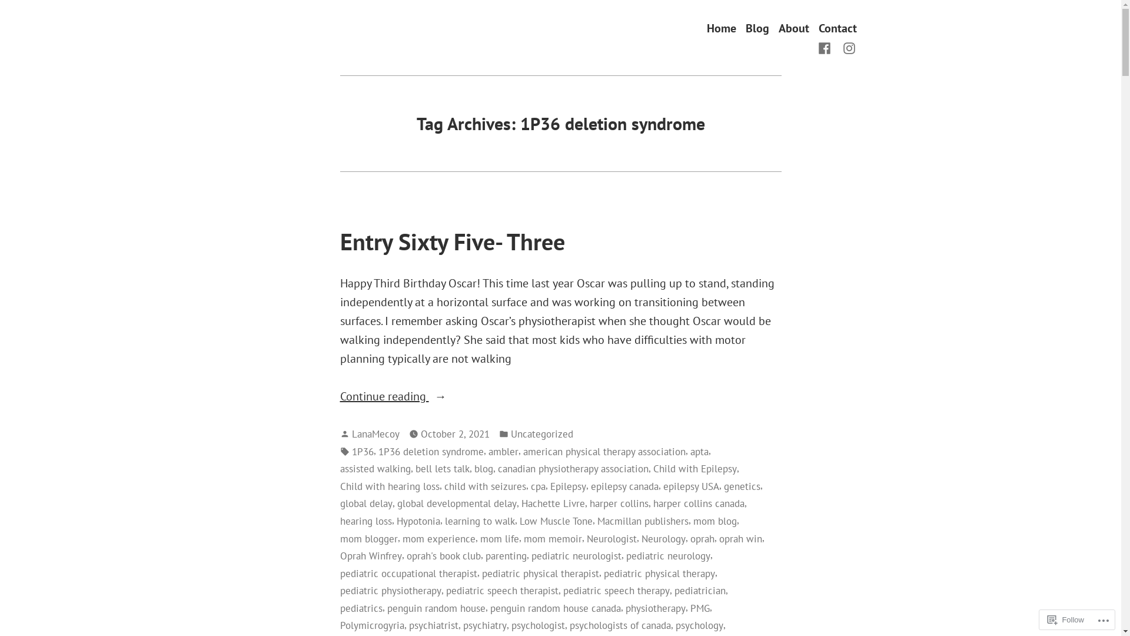 Image resolution: width=1130 pixels, height=636 pixels. What do you see at coordinates (740, 538) in the screenshot?
I see `'oprah win'` at bounding box center [740, 538].